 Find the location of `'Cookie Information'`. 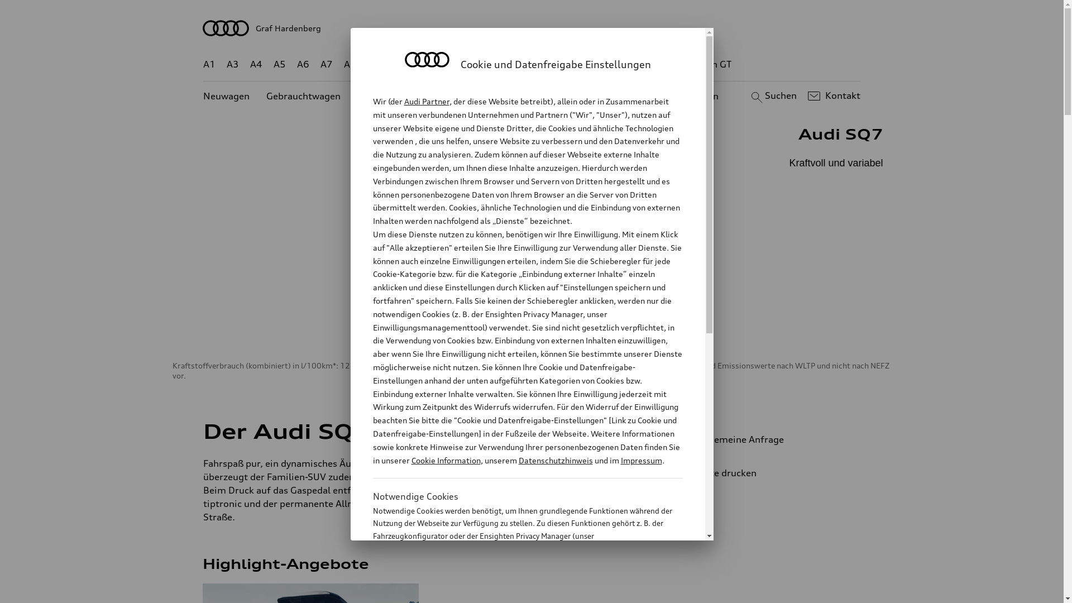

'Cookie Information' is located at coordinates (444, 460).